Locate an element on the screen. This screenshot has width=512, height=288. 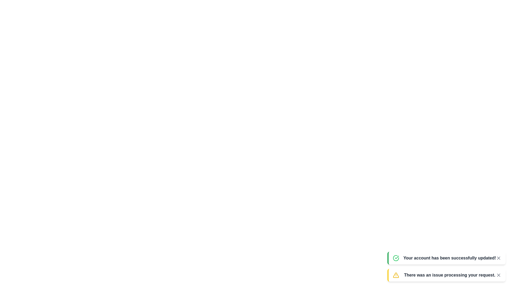
the notification with message 'Your account has been successfully updated!' is located at coordinates (446, 258).